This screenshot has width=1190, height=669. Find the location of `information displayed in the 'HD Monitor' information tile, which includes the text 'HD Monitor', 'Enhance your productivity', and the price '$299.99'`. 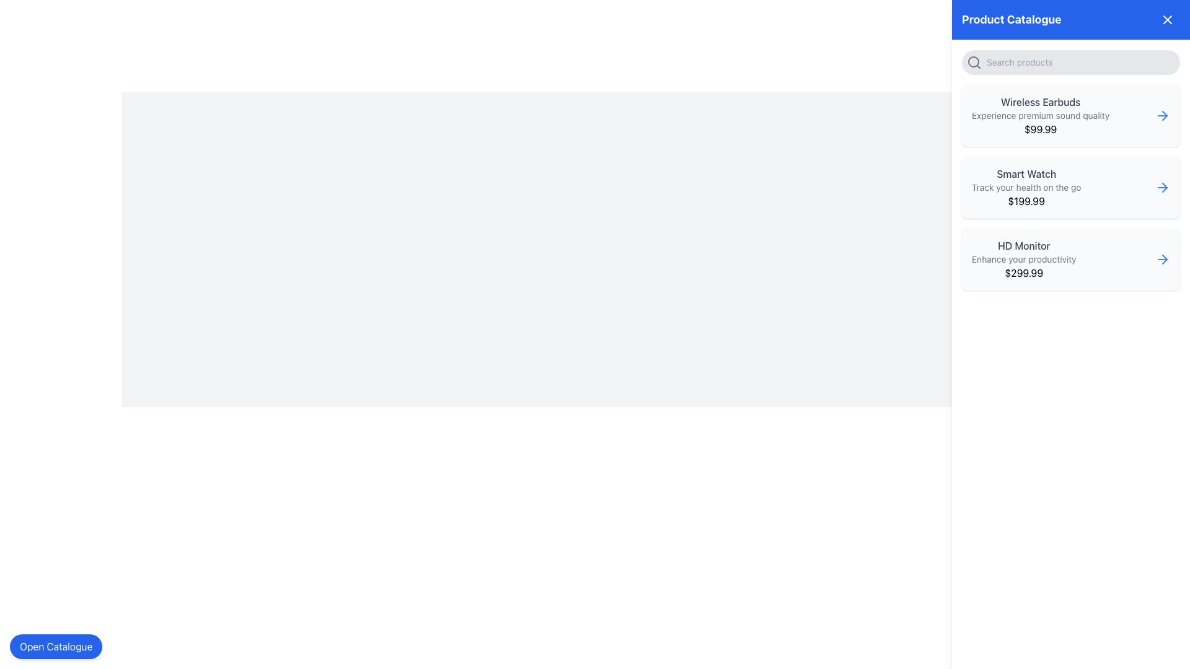

information displayed in the 'HD Monitor' information tile, which includes the text 'HD Monitor', 'Enhance your productivity', and the price '$299.99' is located at coordinates (1024, 259).